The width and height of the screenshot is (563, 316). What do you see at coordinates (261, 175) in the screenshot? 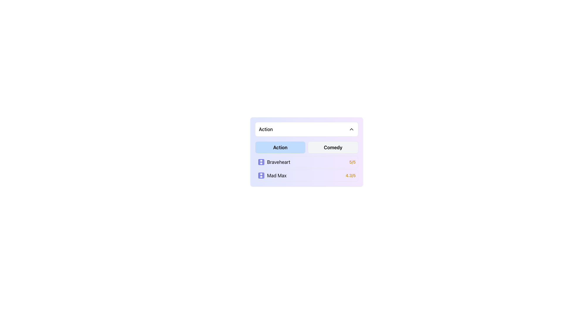
I see `the leftmost icon in the second row of the list that visually represents the movie 'Mad Max'` at bounding box center [261, 175].